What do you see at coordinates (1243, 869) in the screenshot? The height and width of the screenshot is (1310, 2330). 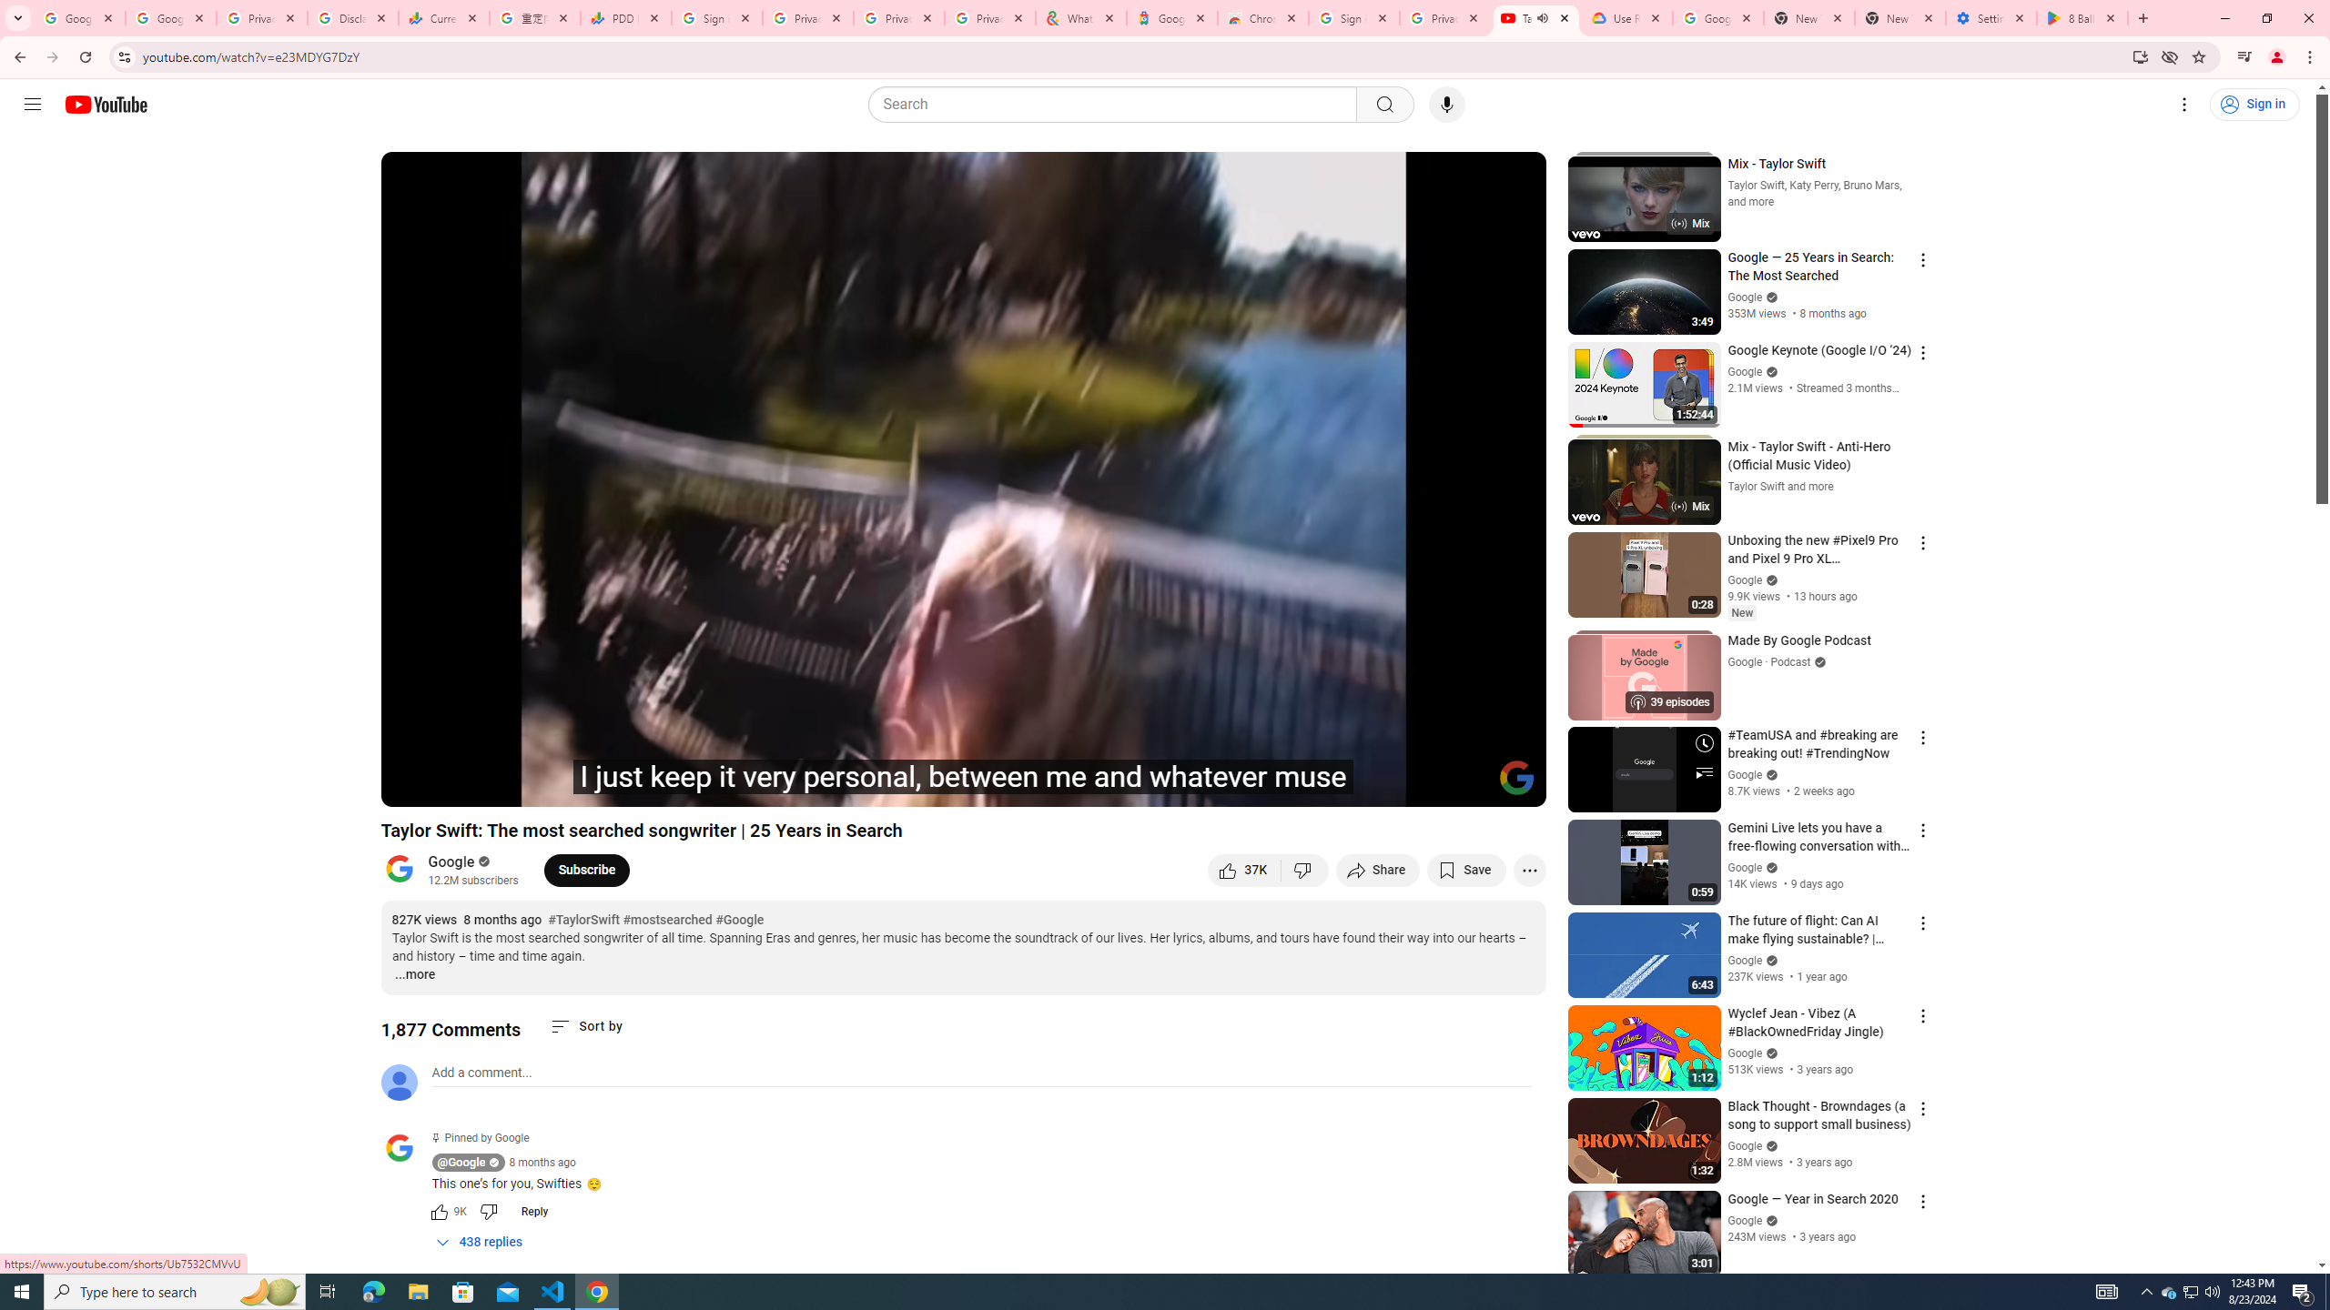 I see `'like this video along with 37,258 other people'` at bounding box center [1243, 869].